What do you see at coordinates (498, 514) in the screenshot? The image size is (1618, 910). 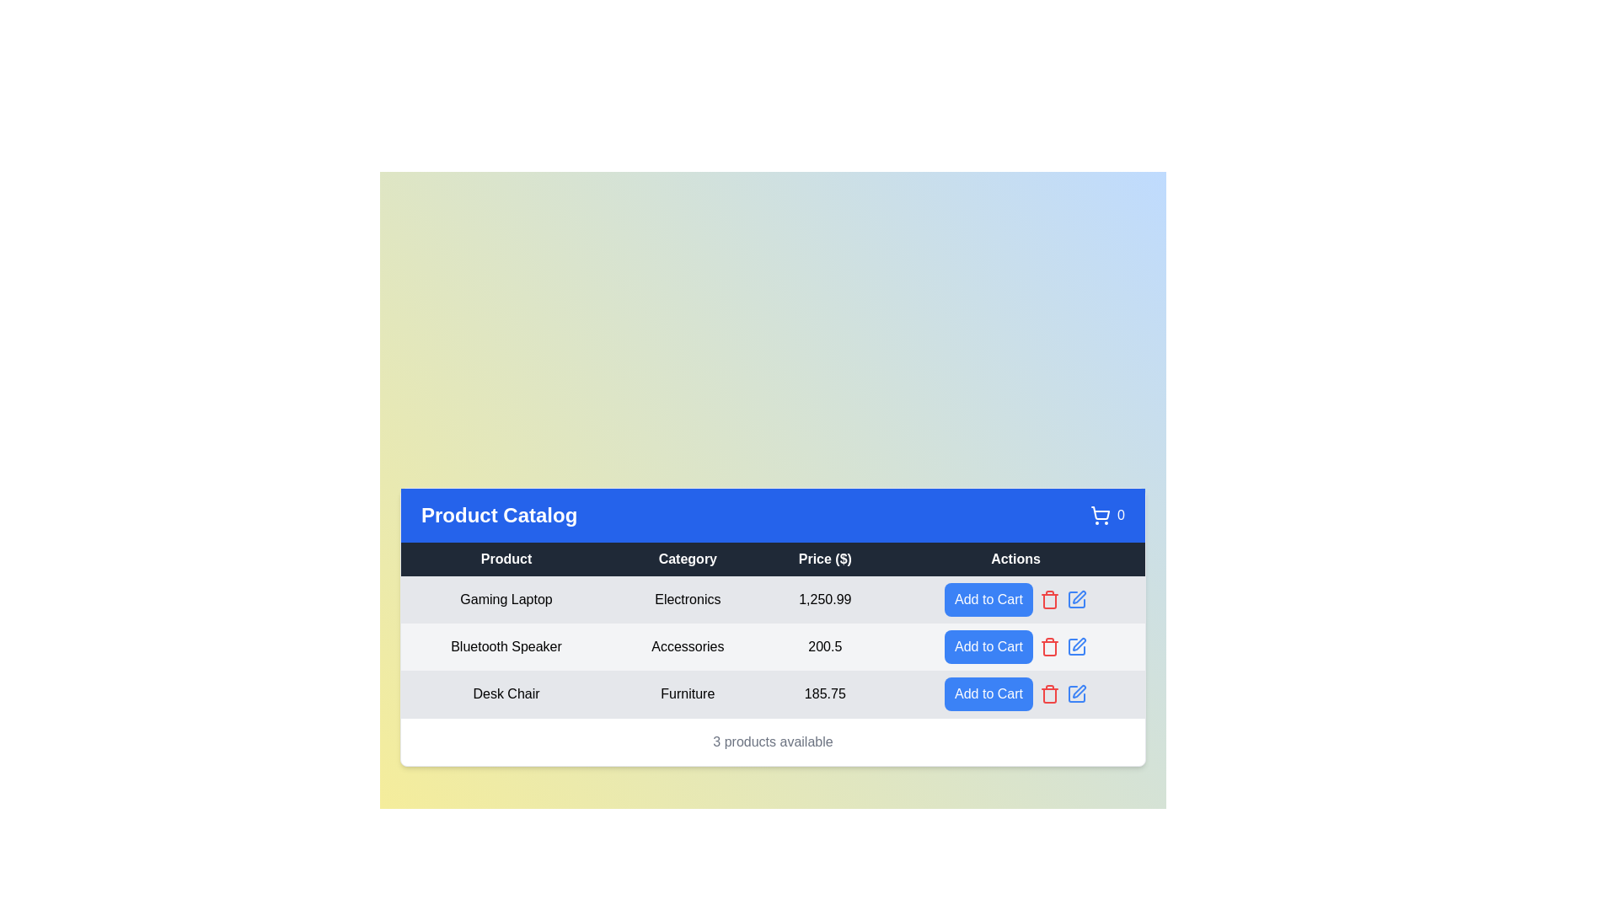 I see `the 'Product Catalog' text label, which is a bold heading with white font color on a blue background, located on the left side of the navigation bar at the top of the content section` at bounding box center [498, 514].